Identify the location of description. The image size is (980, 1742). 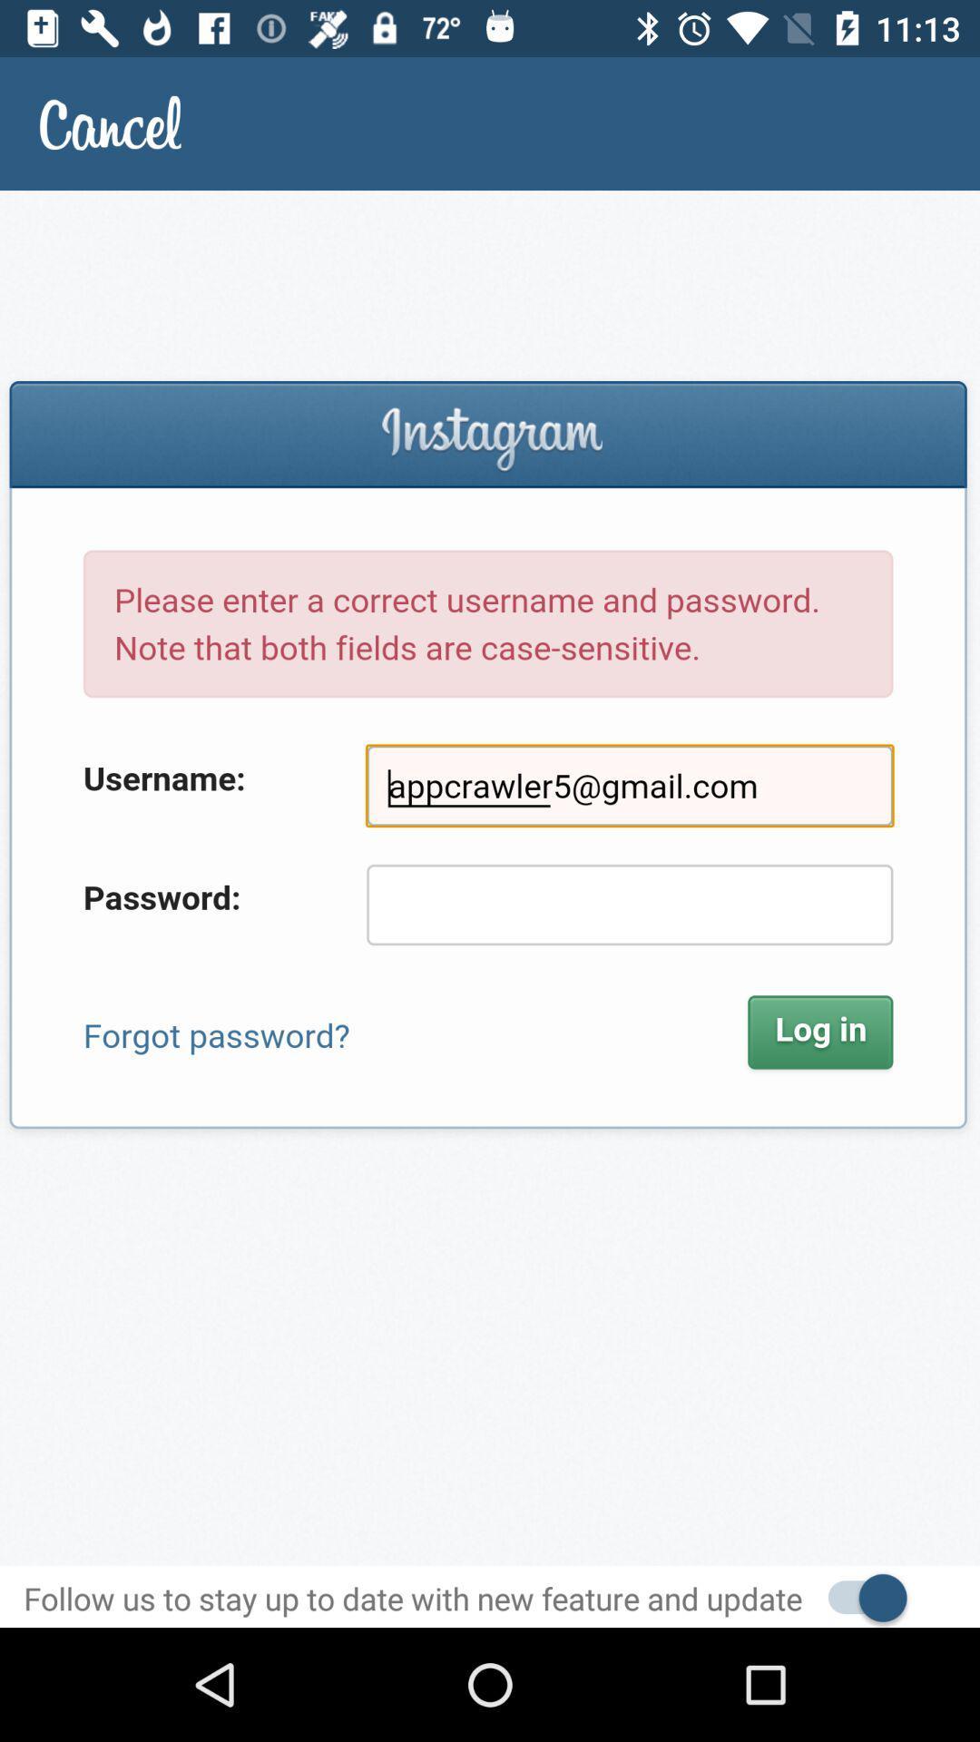
(490, 877).